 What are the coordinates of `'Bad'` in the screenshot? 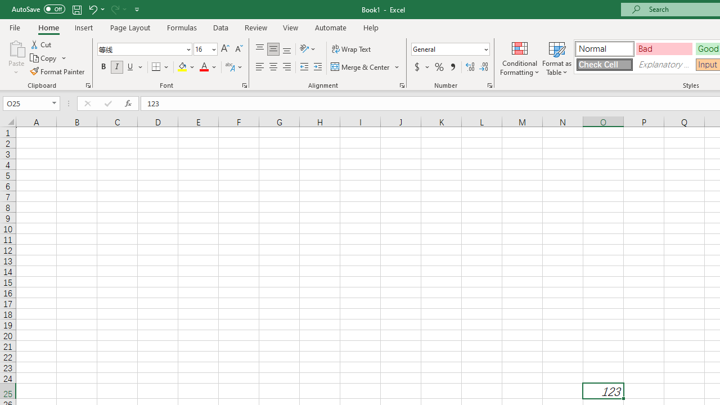 It's located at (664, 48).